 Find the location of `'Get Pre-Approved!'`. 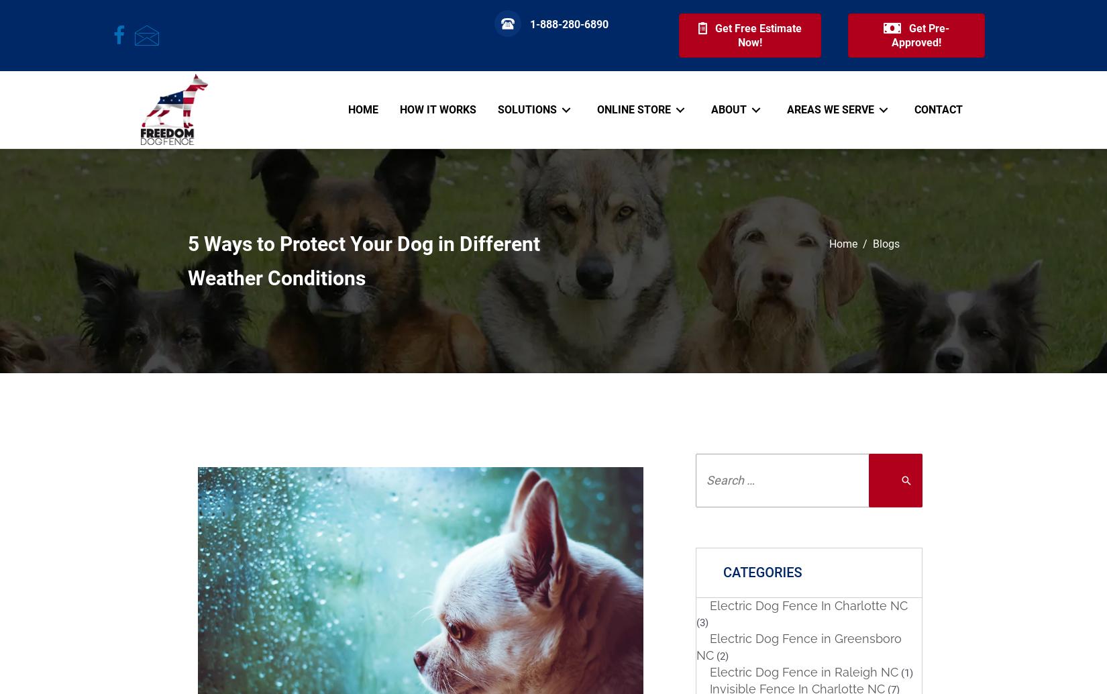

'Get Pre-Approved!' is located at coordinates (919, 35).